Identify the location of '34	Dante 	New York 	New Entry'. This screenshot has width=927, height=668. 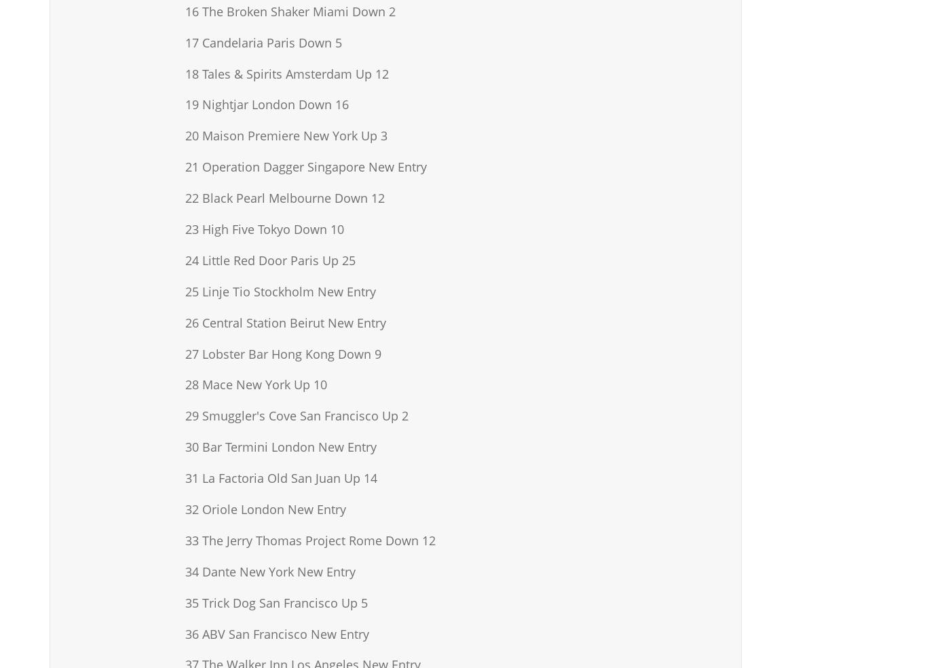
(185, 570).